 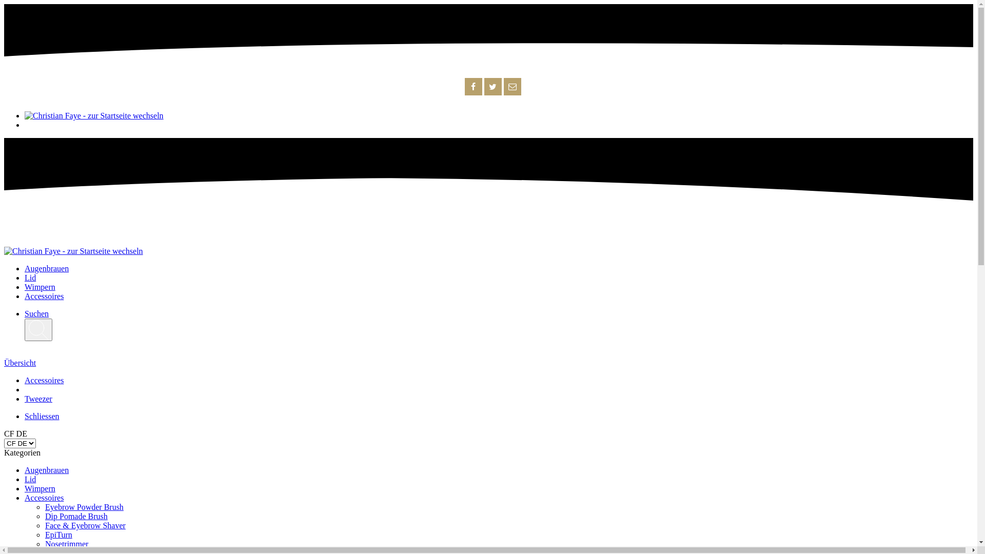 I want to click on 'Dip Pomade Brush', so click(x=44, y=516).